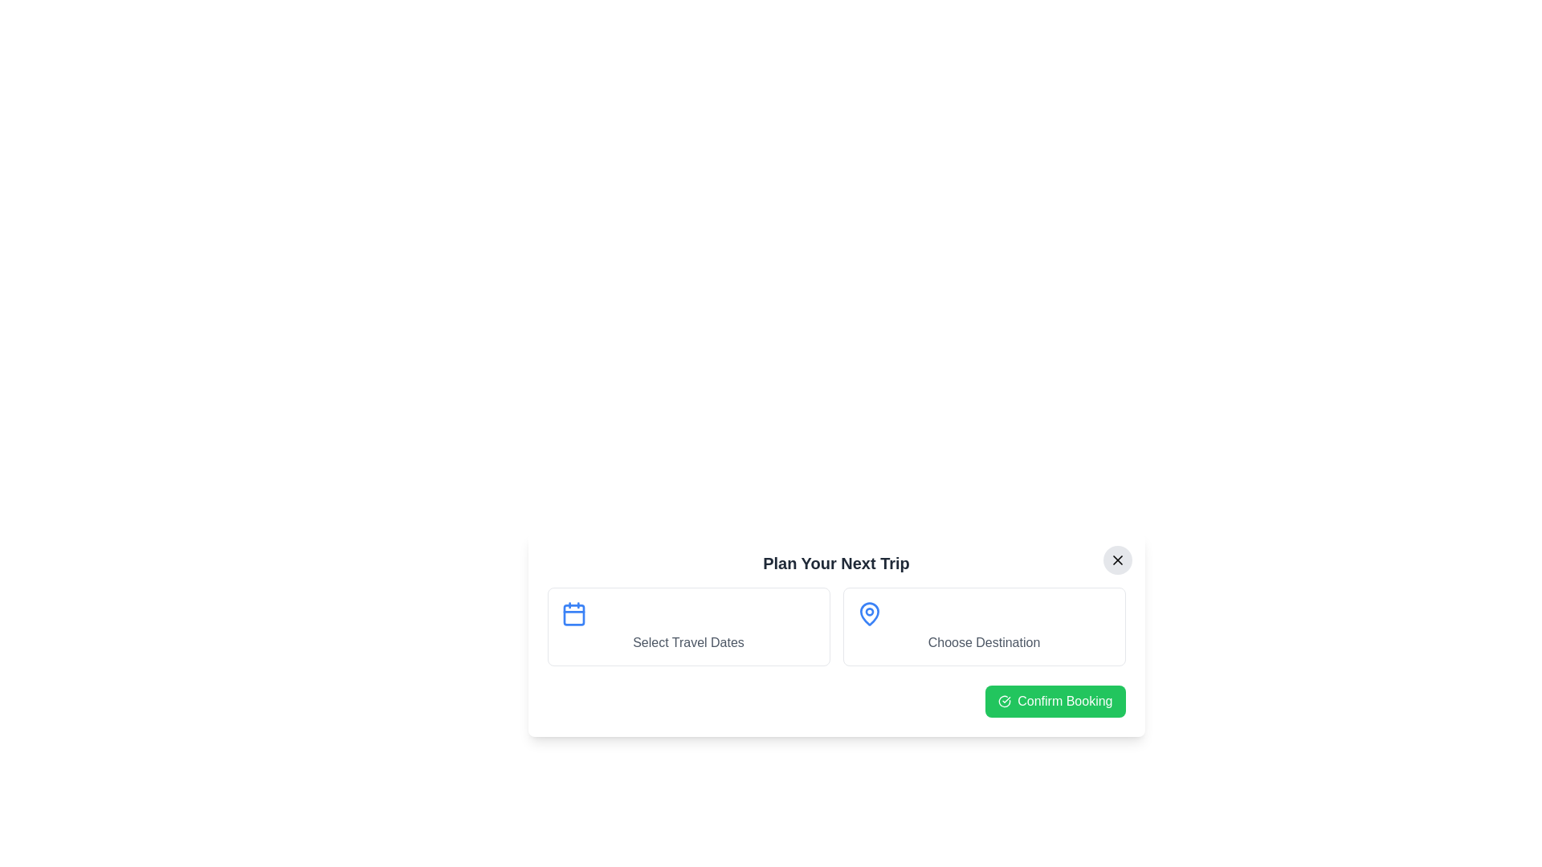 The height and width of the screenshot is (867, 1542). Describe the element at coordinates (1055, 701) in the screenshot. I see `the interactive element: Confirm Booking Button` at that location.